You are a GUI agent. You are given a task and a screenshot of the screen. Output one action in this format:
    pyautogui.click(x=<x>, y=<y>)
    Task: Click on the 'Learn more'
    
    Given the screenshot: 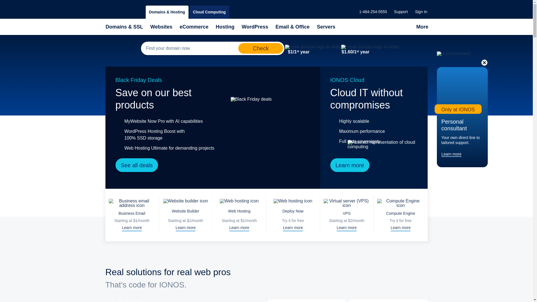 What is the action you would take?
    pyautogui.click(x=451, y=154)
    